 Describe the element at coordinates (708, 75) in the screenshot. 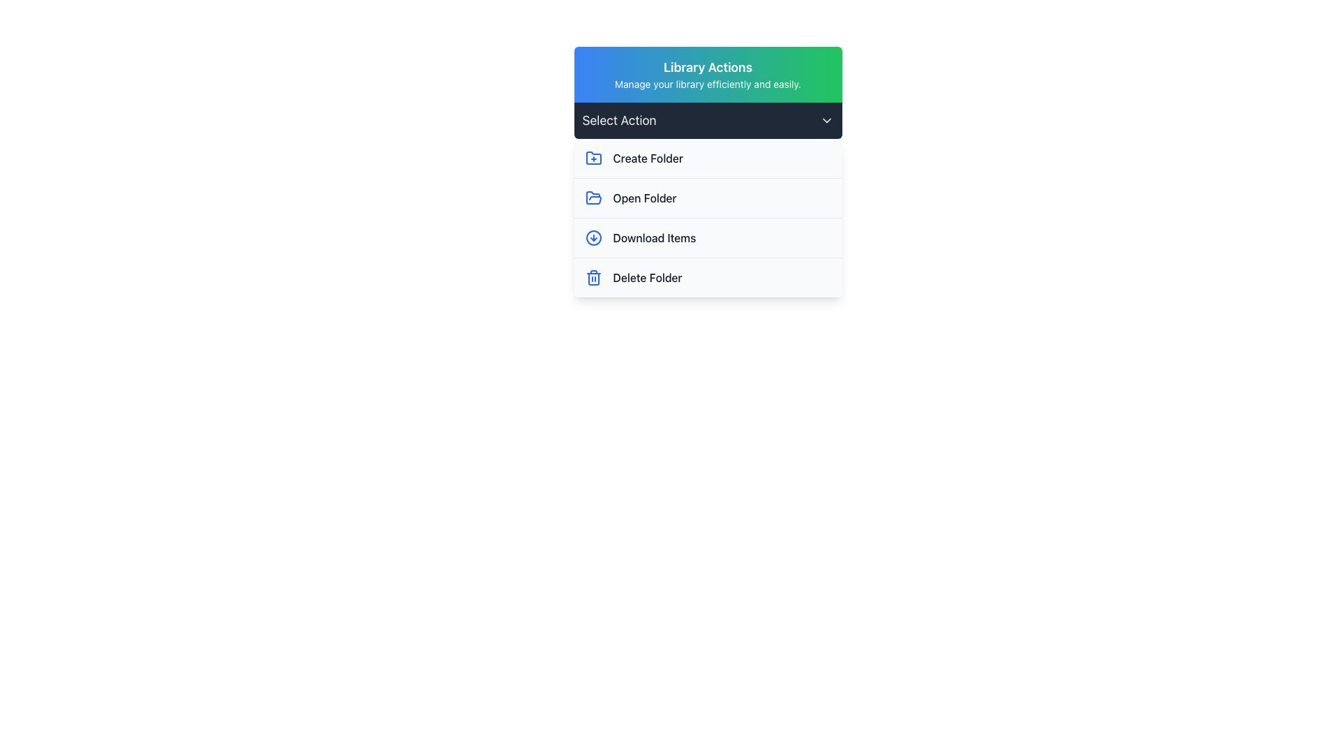

I see `the Informational banner titled 'Library Actions' which has a gradient background and contains a subtitle about managing the library efficiently` at that location.